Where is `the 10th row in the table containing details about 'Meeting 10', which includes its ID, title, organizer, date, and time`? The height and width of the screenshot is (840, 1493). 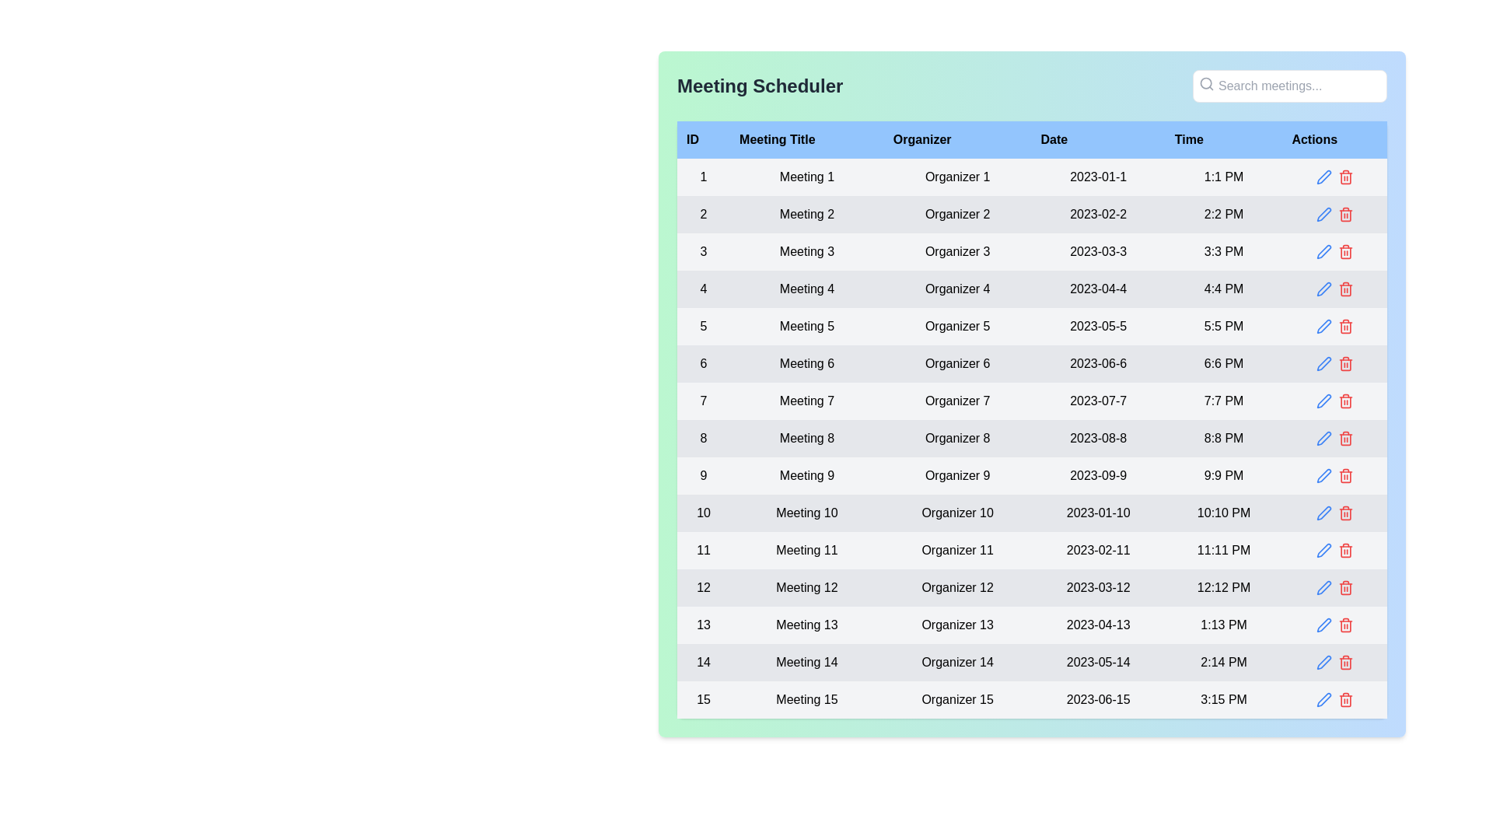
the 10th row in the table containing details about 'Meeting 10', which includes its ID, title, organizer, date, and time is located at coordinates (1032, 513).